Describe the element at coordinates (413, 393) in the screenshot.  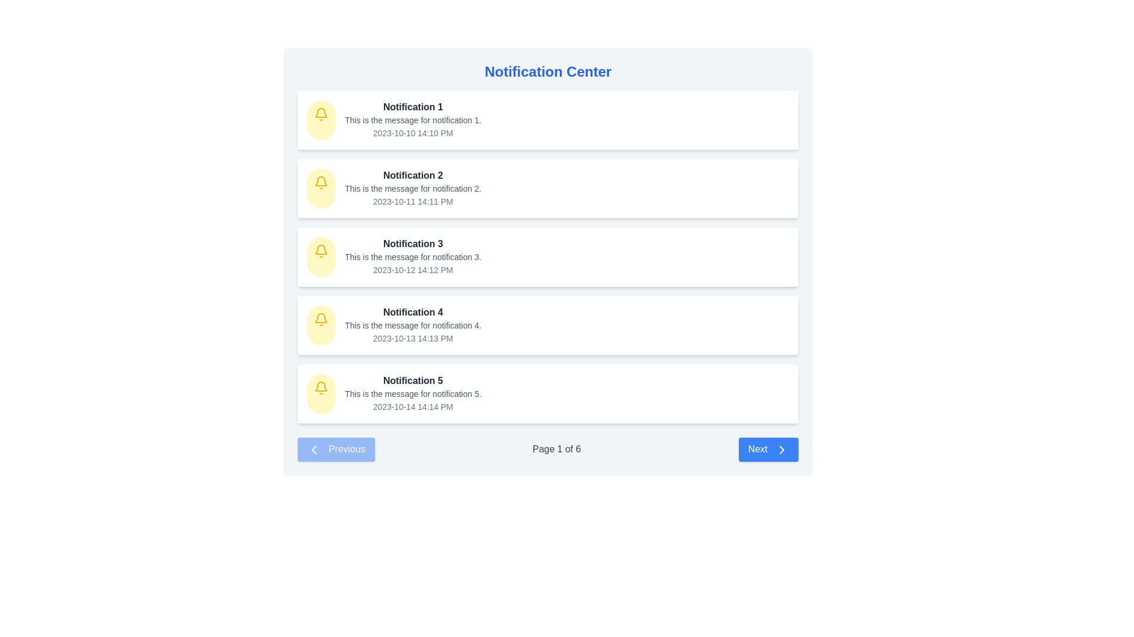
I see `the fifth notification card in the list, which displays details about a specific notification including its title and description` at that location.